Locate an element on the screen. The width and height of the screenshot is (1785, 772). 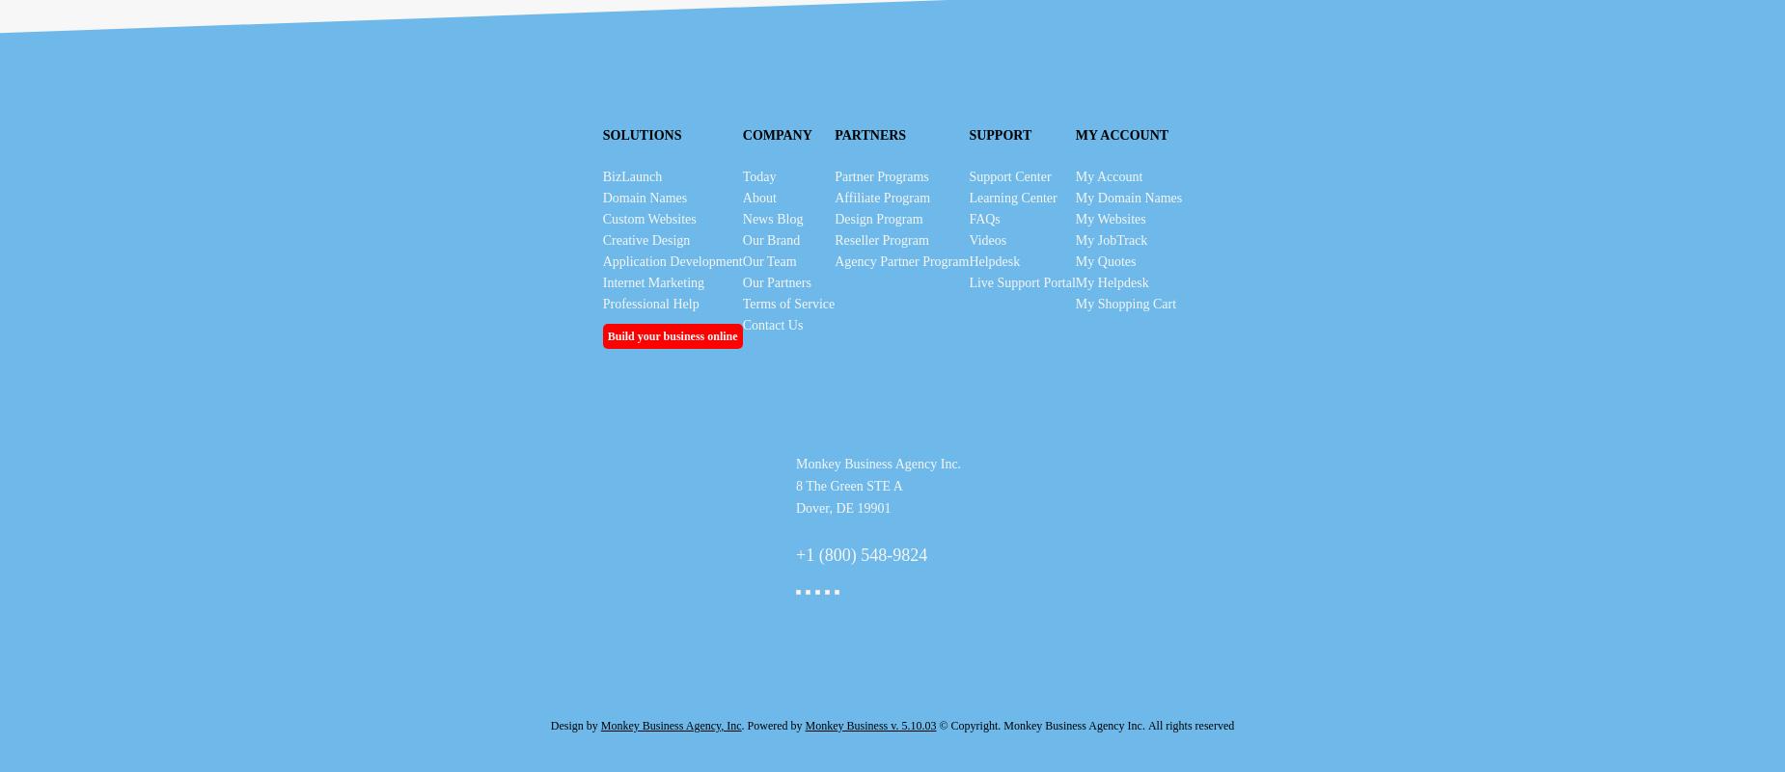
'FAQs' is located at coordinates (983, 219).